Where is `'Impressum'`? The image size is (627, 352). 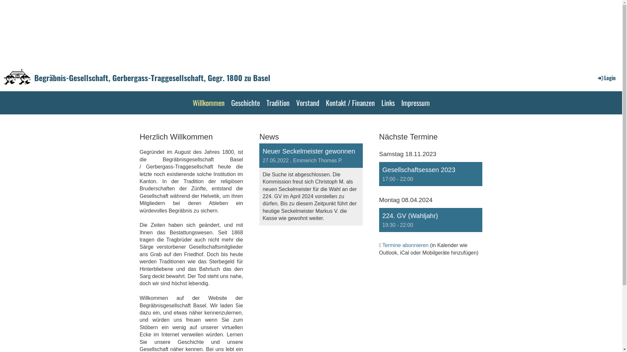 'Impressum' is located at coordinates (415, 103).